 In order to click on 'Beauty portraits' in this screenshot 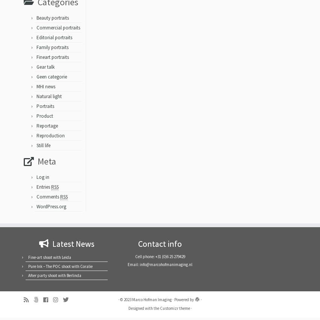, I will do `click(36, 20)`.